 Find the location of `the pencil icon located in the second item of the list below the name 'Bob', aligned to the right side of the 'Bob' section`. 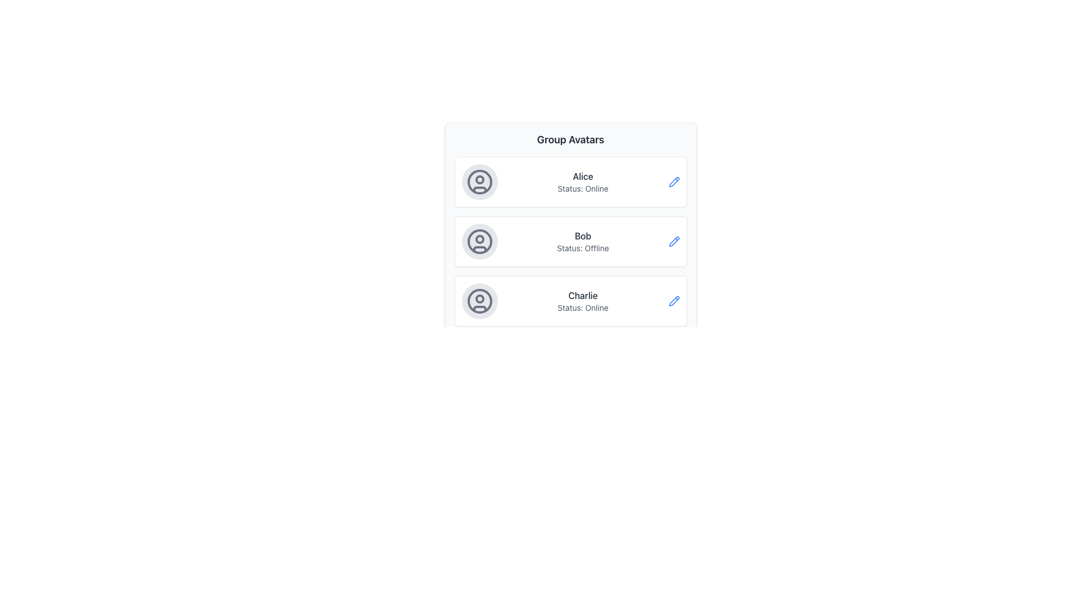

the pencil icon located in the second item of the list below the name 'Bob', aligned to the right side of the 'Bob' section is located at coordinates (674, 241).